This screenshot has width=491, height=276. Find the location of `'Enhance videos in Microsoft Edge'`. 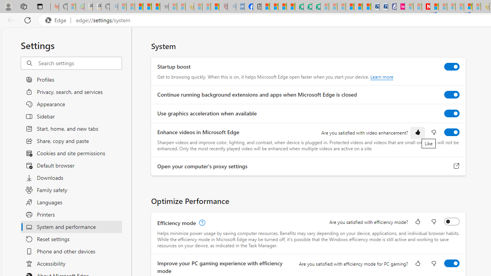

'Enhance videos in Microsoft Edge' is located at coordinates (452, 131).